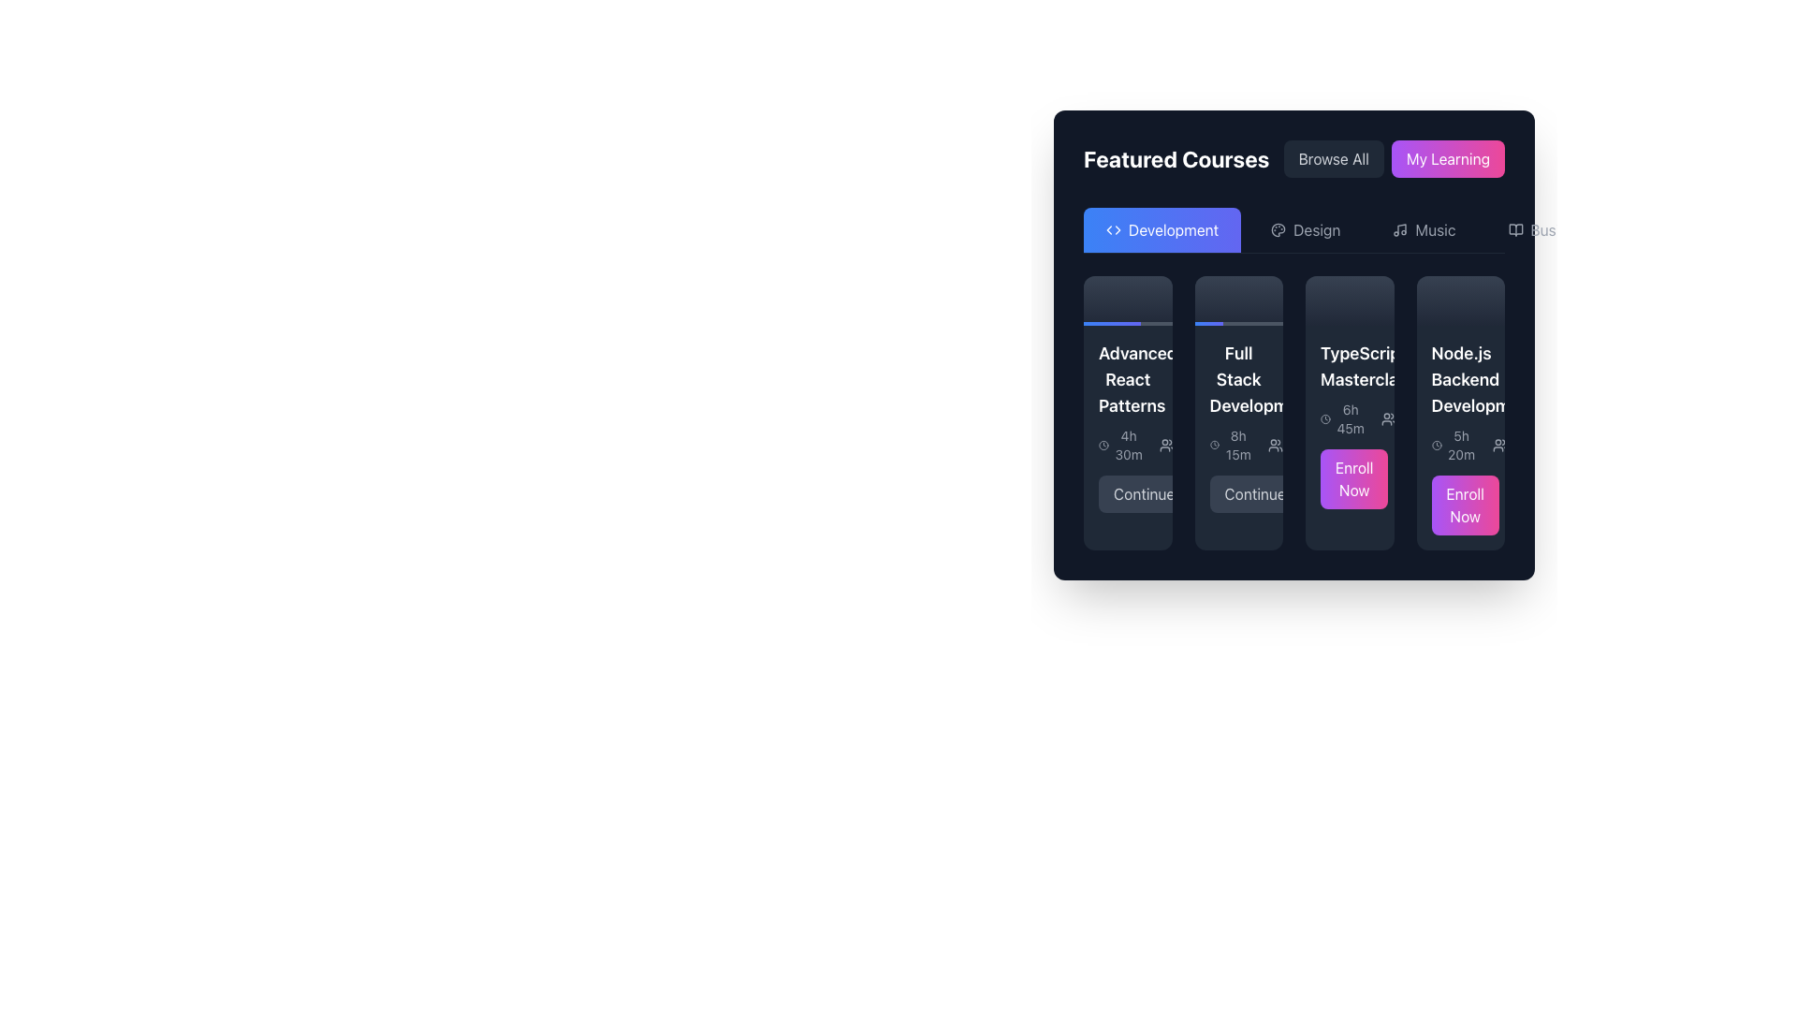 The width and height of the screenshot is (1797, 1011). Describe the element at coordinates (1316, 229) in the screenshot. I see `the 'Design' text label, which is located immediately to the right of a small icon in the row of categories above the course cards` at that location.